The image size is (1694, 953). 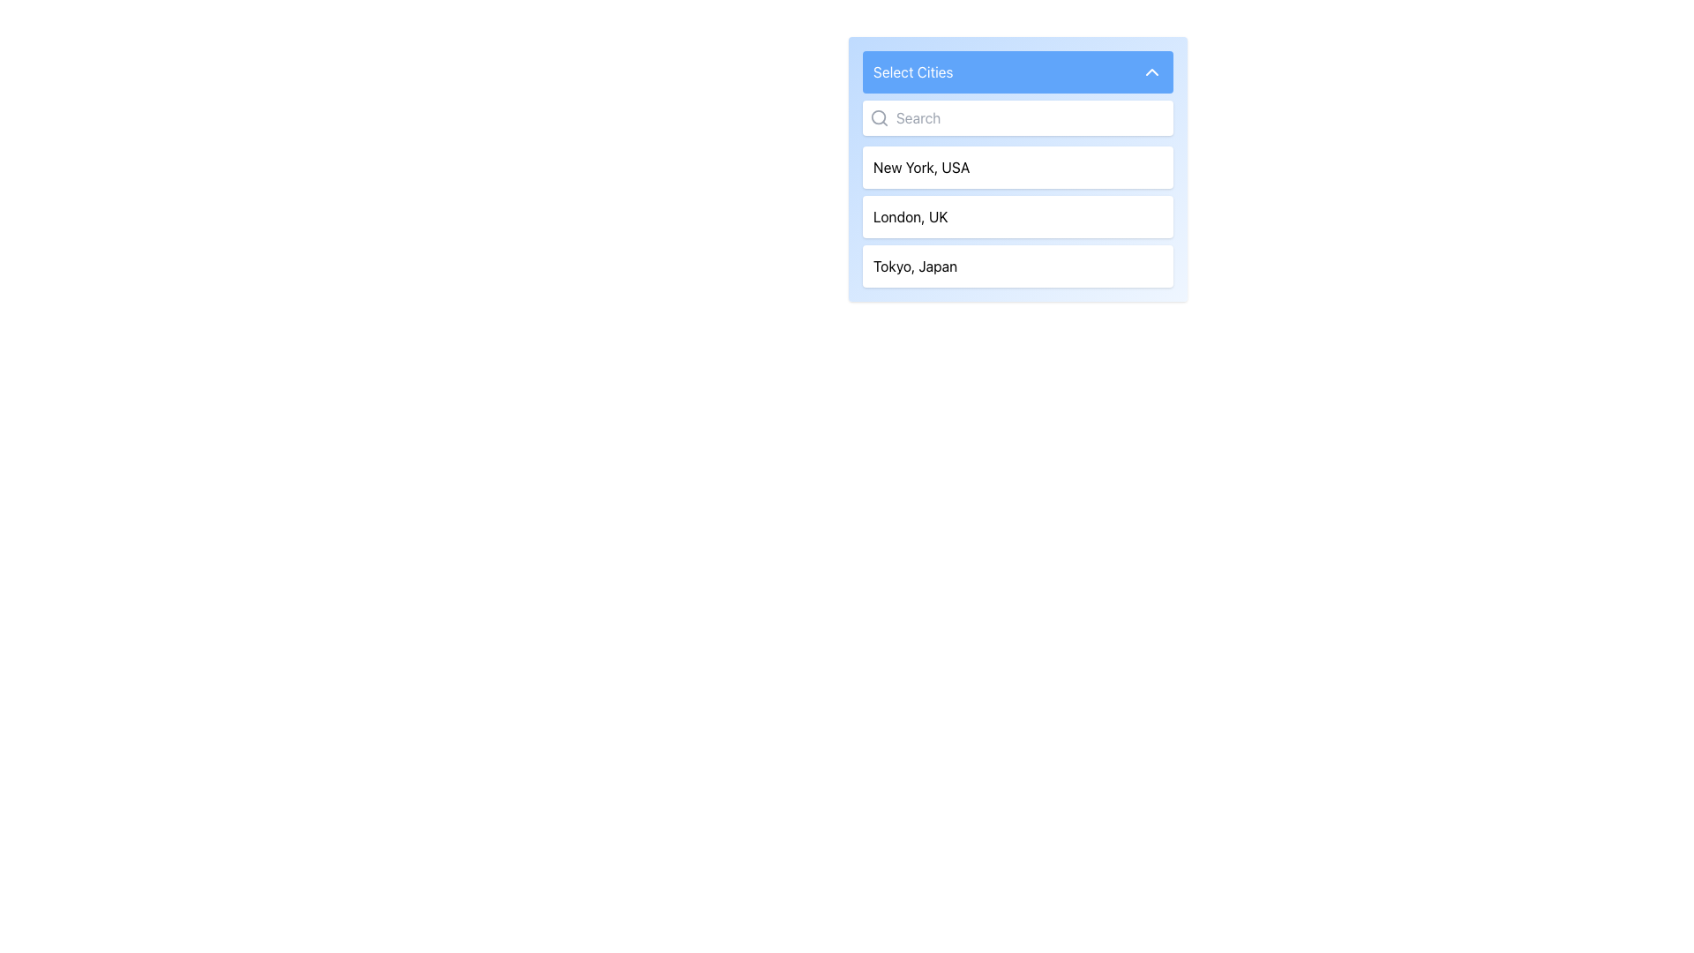 I want to click on the text label 'New York, USA' in the dropdown list titled 'Select Cities', so click(x=920, y=167).